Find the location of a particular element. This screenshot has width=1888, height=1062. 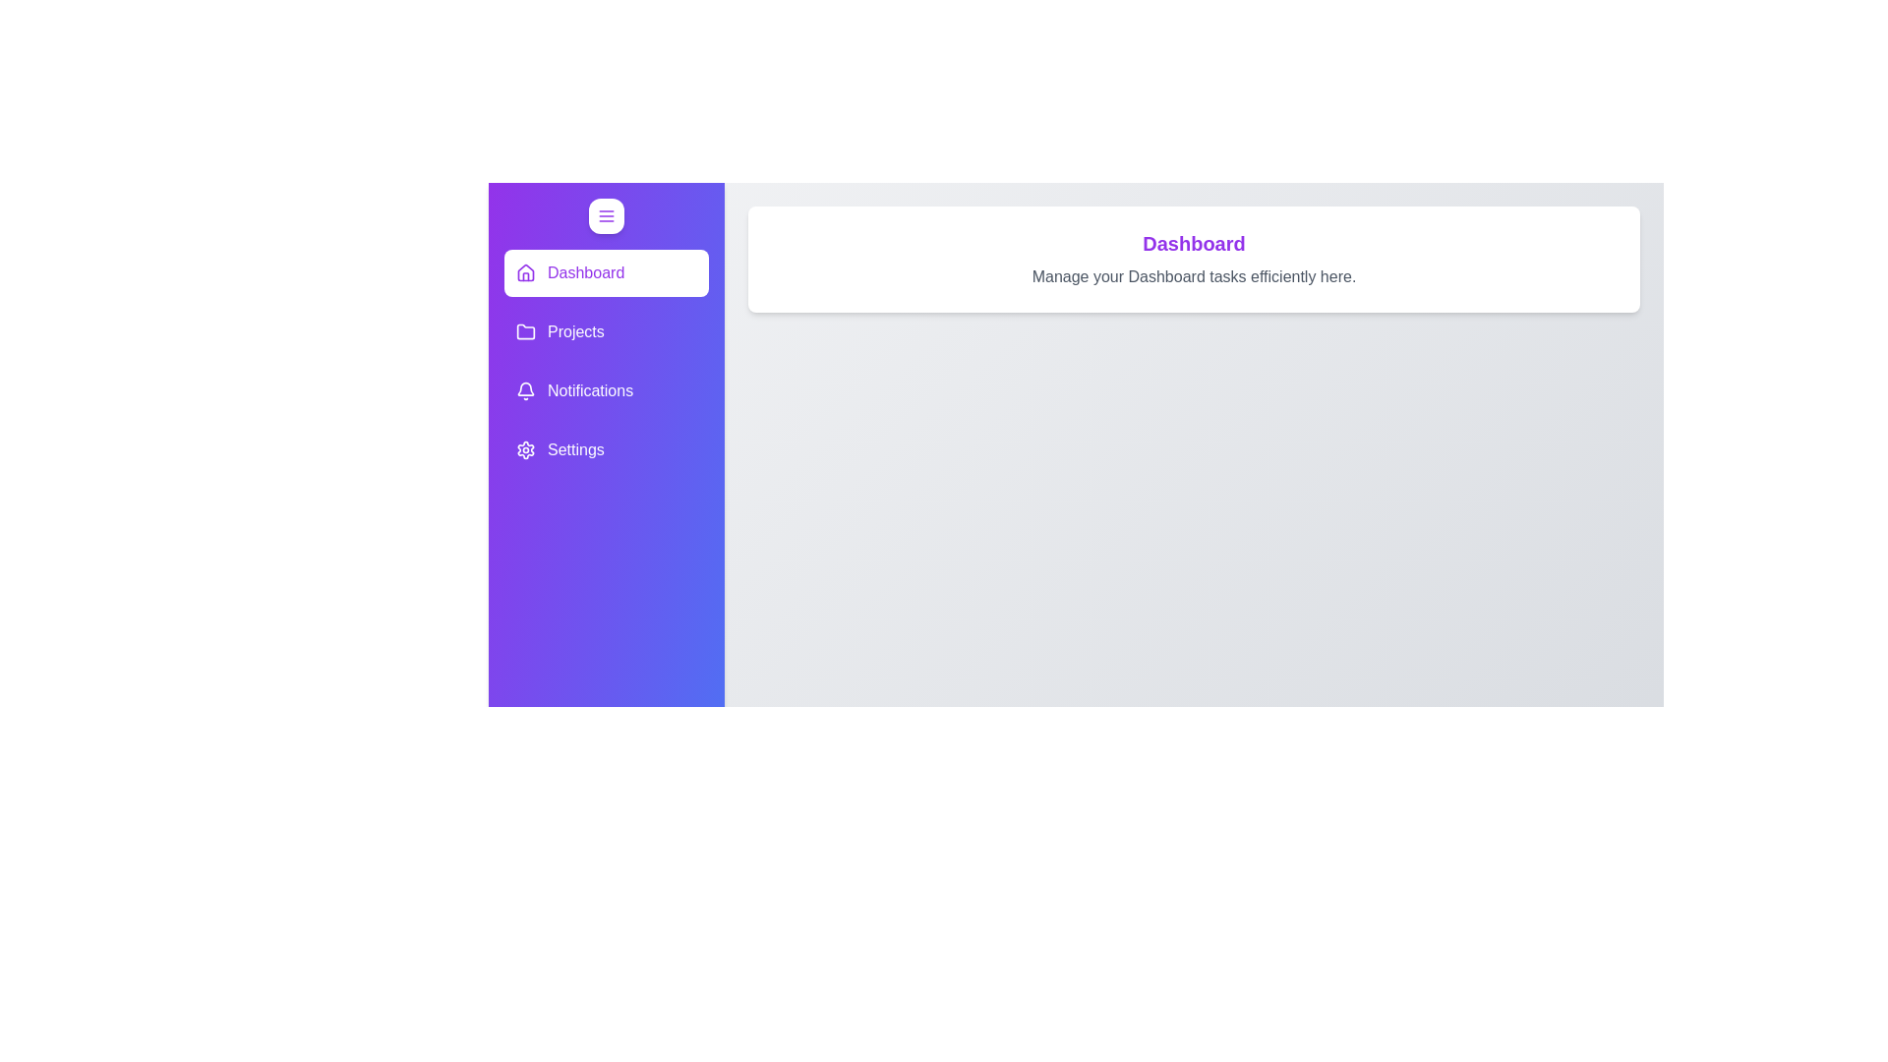

the element labeled Projects to observe its hover effects is located at coordinates (606, 331).